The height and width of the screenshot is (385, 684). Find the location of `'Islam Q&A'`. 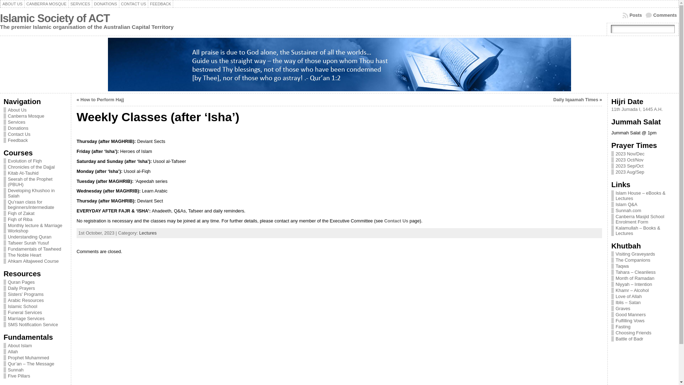

'Islam Q&A' is located at coordinates (626, 204).